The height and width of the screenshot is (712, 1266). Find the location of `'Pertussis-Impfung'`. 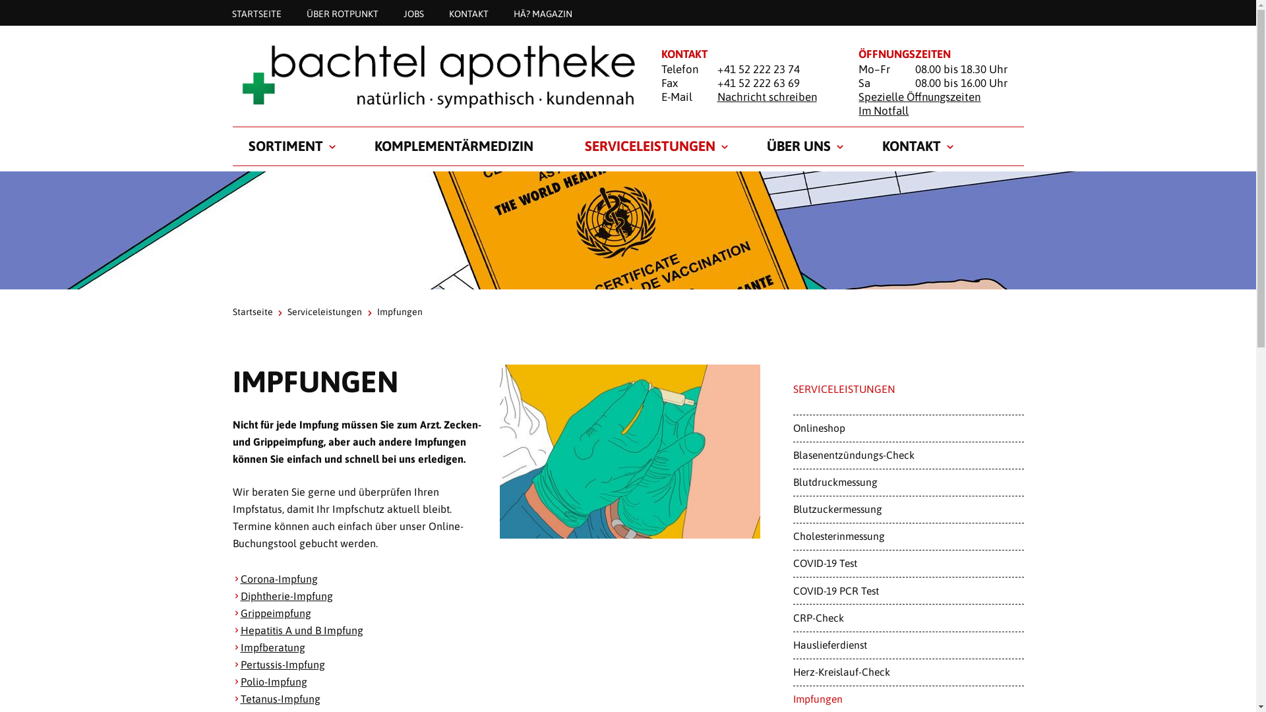

'Pertussis-Impfung' is located at coordinates (240, 664).